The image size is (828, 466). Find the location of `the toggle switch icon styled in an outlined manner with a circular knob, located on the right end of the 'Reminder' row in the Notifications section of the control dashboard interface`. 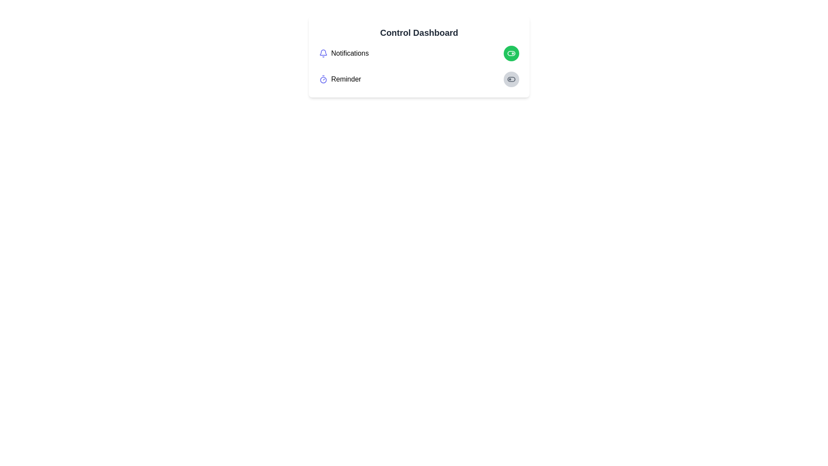

the toggle switch icon styled in an outlined manner with a circular knob, located on the right end of the 'Reminder' row in the Notifications section of the control dashboard interface is located at coordinates (511, 79).